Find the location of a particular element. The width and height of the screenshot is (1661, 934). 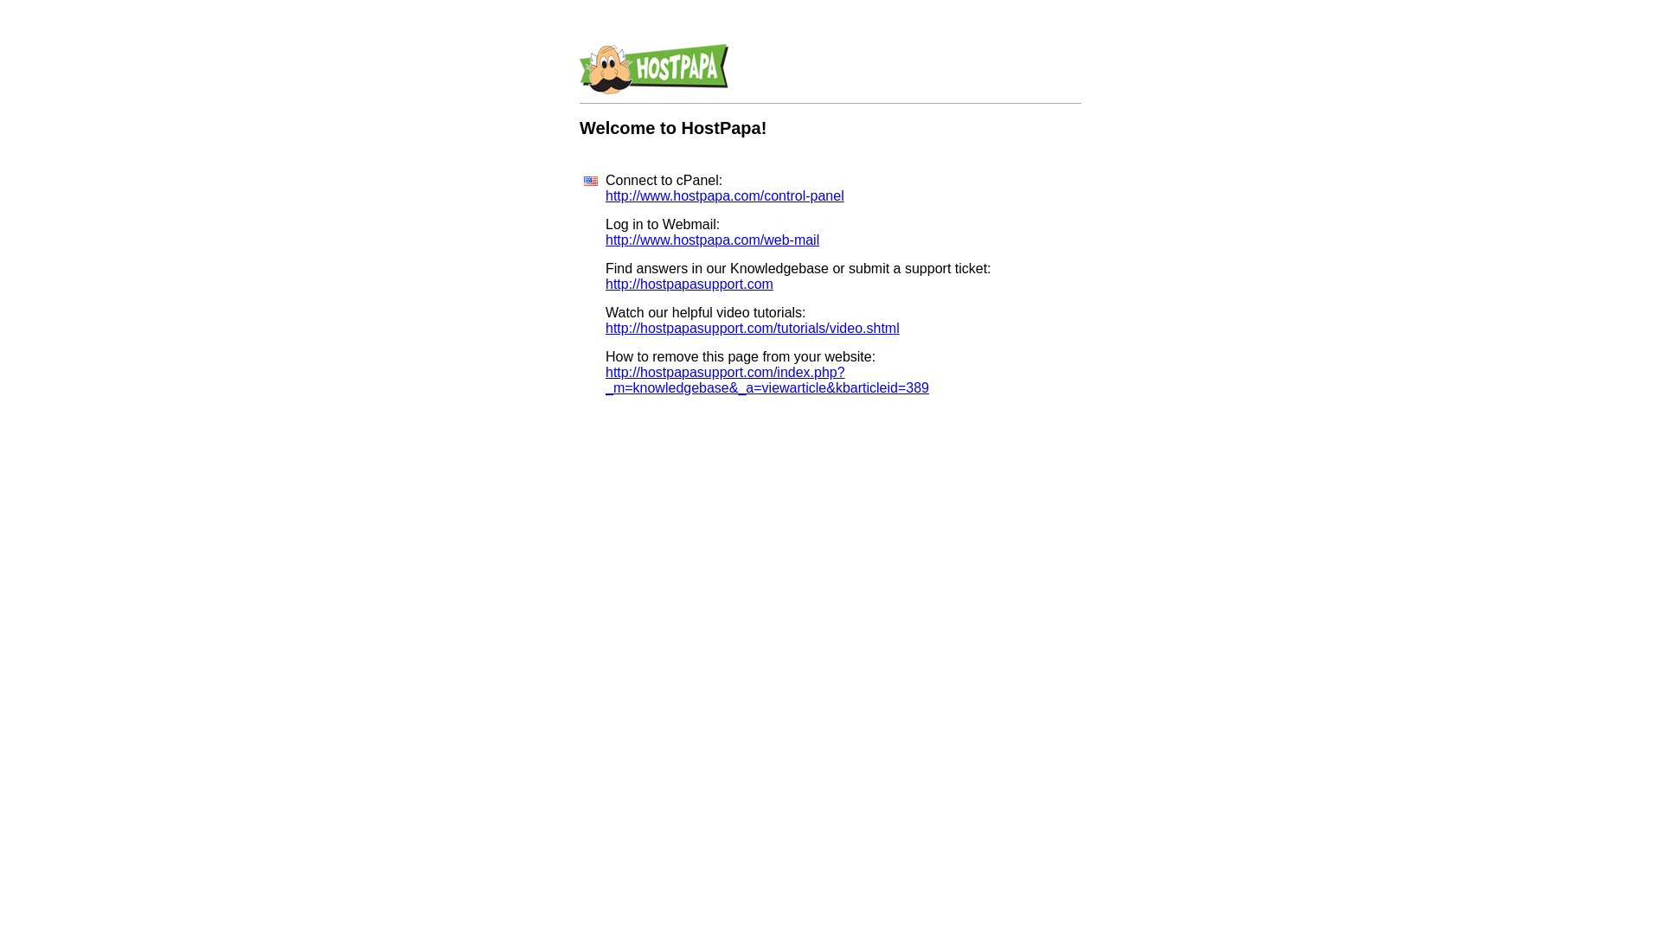

'http://www.hostpapa.com/control-panel' is located at coordinates (606, 195).